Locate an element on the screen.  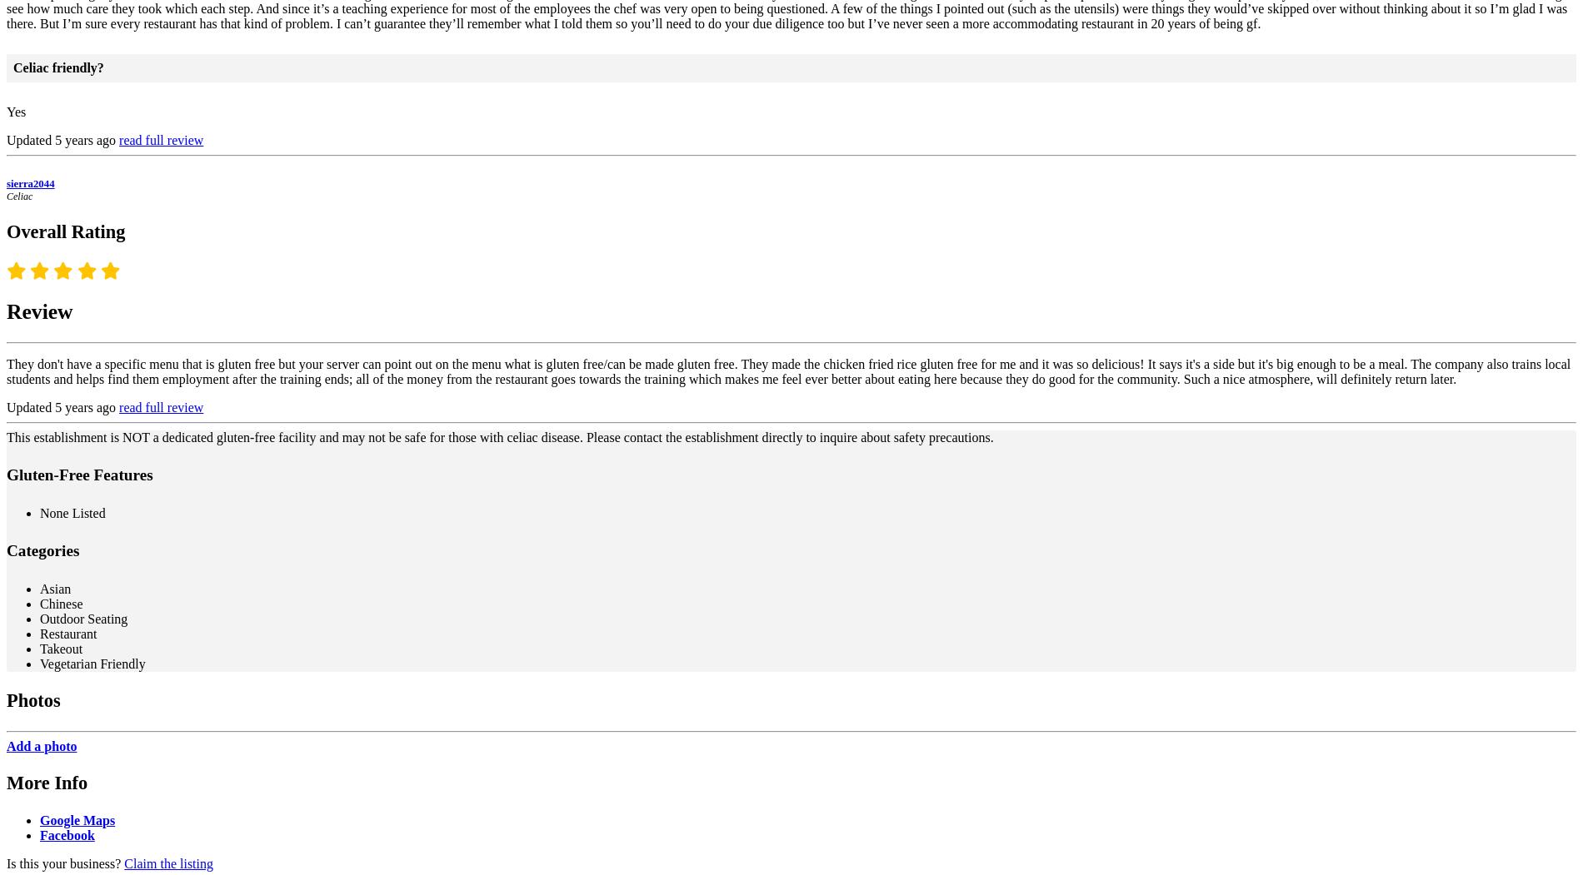
'Add a photo' is located at coordinates (6, 745).